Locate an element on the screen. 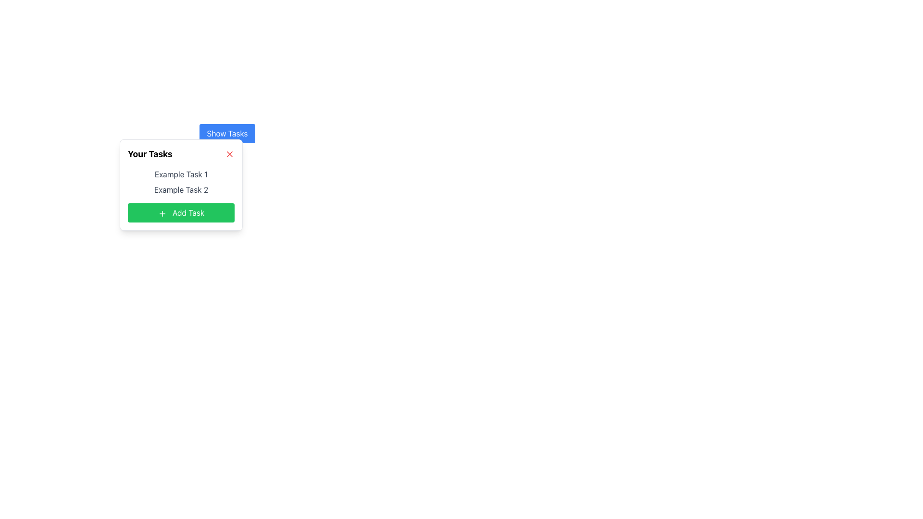  the small red 'X' Close button icon located at the top-right corner of the task management panel is located at coordinates (229, 153).